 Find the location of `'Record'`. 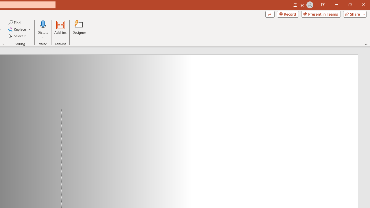

'Record' is located at coordinates (288, 14).